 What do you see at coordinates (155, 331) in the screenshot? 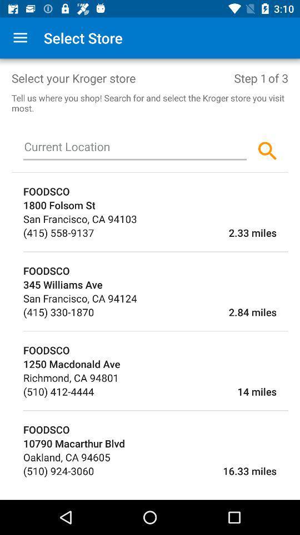
I see `the icon below the (415) 330-1870` at bounding box center [155, 331].